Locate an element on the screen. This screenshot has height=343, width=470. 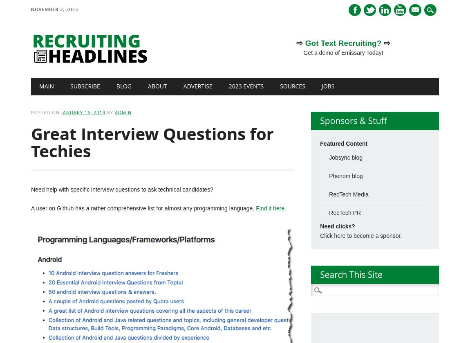
'RecTech Media' is located at coordinates (348, 194).